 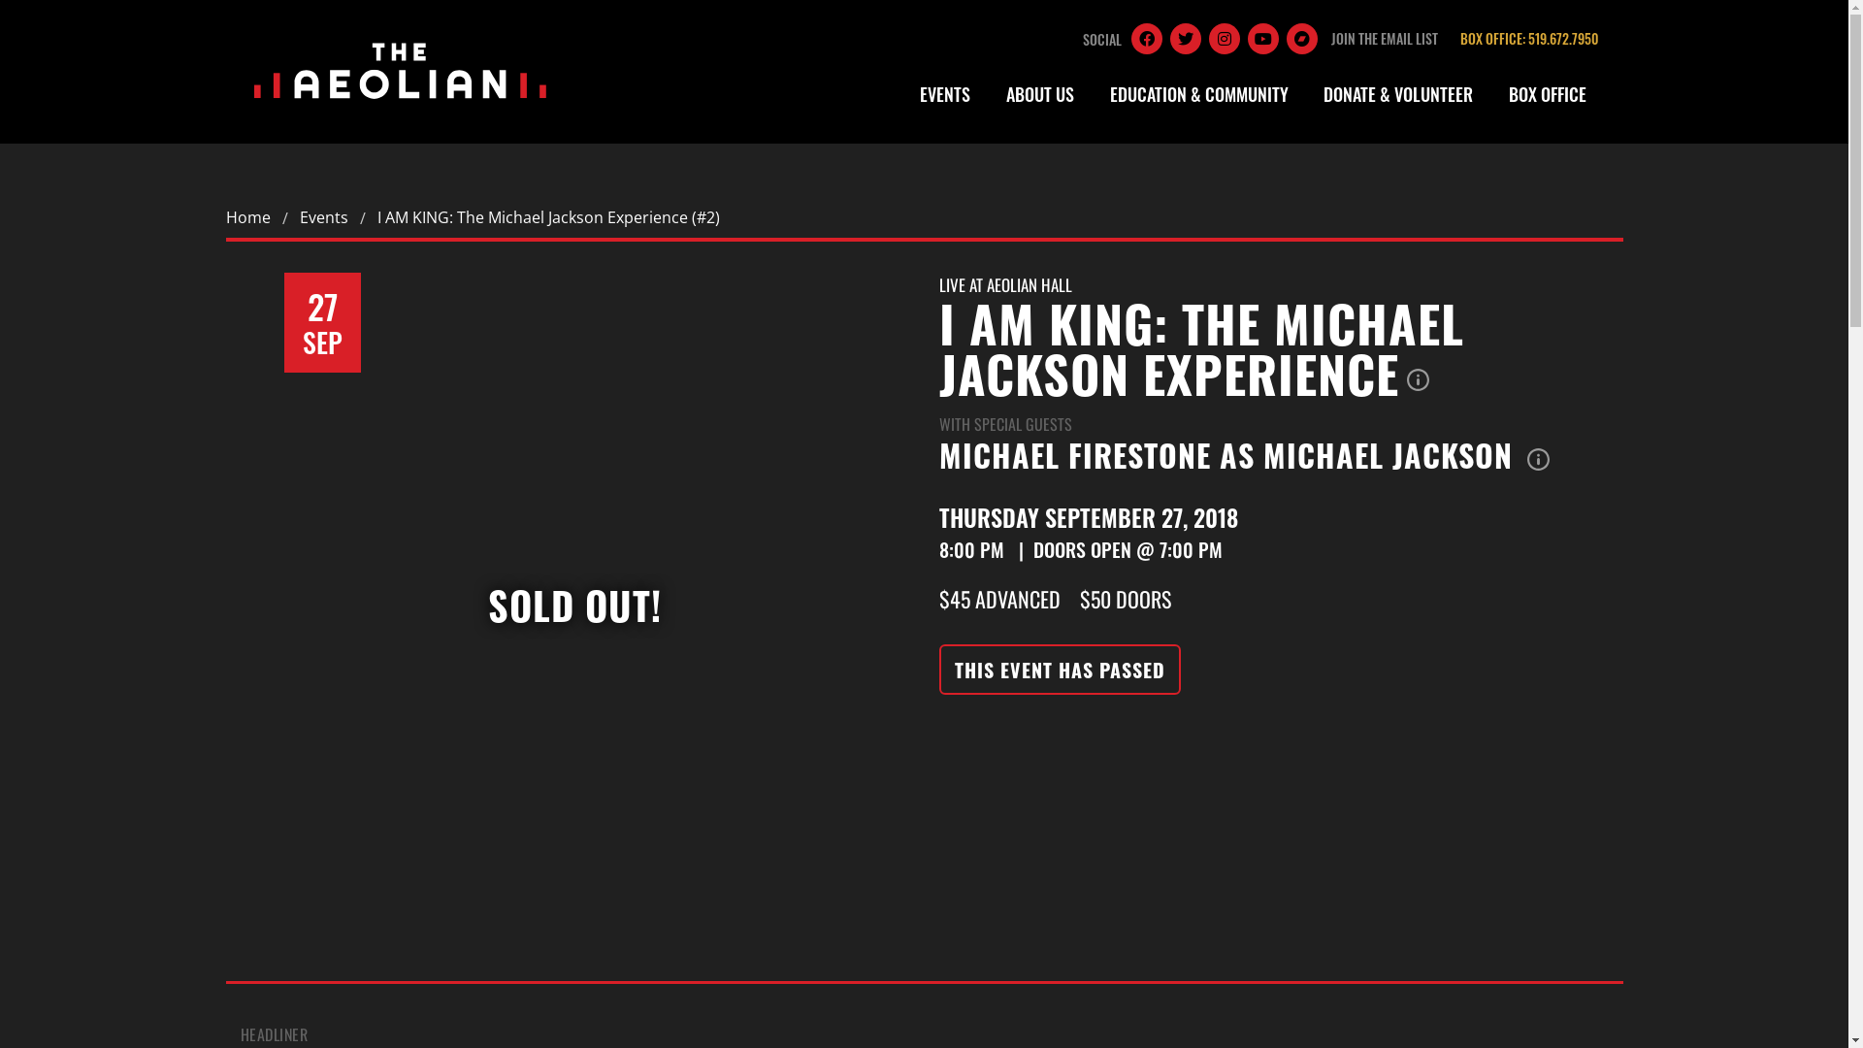 What do you see at coordinates (1095, 94) in the screenshot?
I see `'EDUCATION & COMMUNITY'` at bounding box center [1095, 94].